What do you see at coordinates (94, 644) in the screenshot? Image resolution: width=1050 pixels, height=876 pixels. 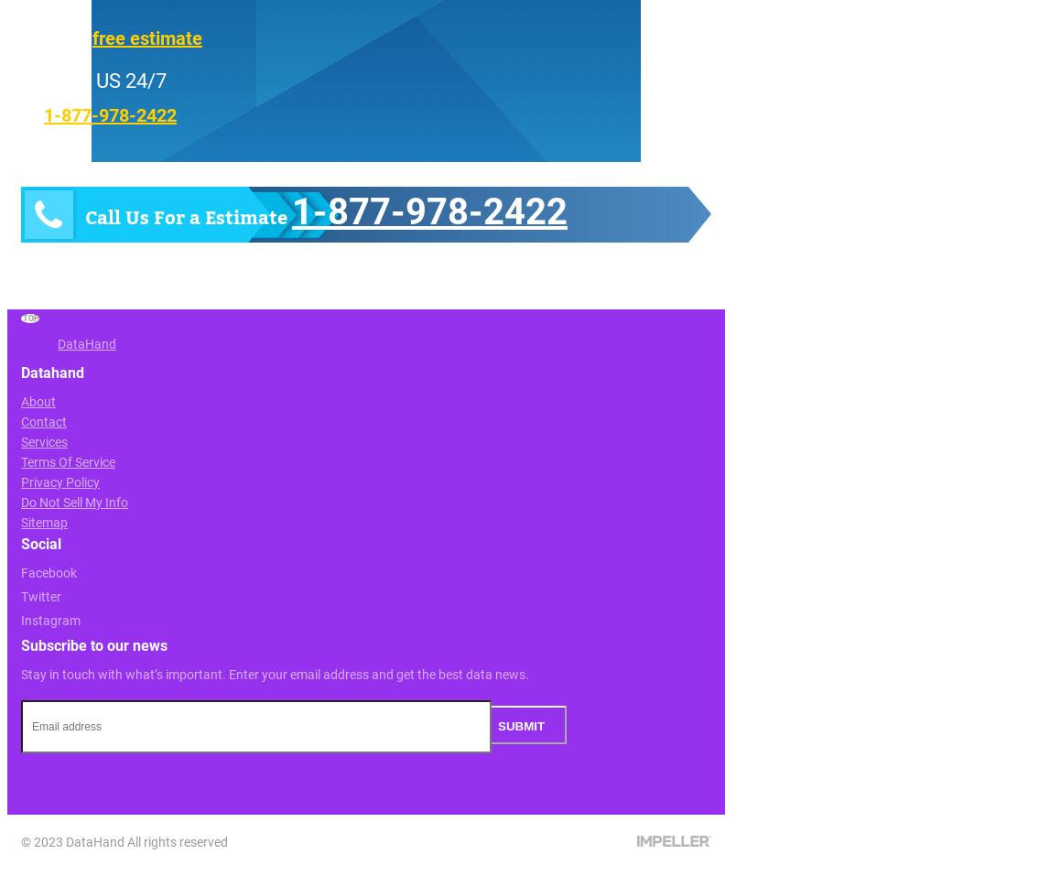 I see `'Subscribe to our news'` at bounding box center [94, 644].